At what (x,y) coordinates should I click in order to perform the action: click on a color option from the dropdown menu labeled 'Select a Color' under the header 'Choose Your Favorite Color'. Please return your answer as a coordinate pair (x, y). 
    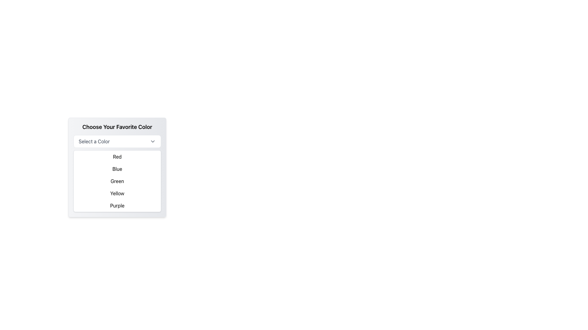
    Looking at the image, I should click on (117, 167).